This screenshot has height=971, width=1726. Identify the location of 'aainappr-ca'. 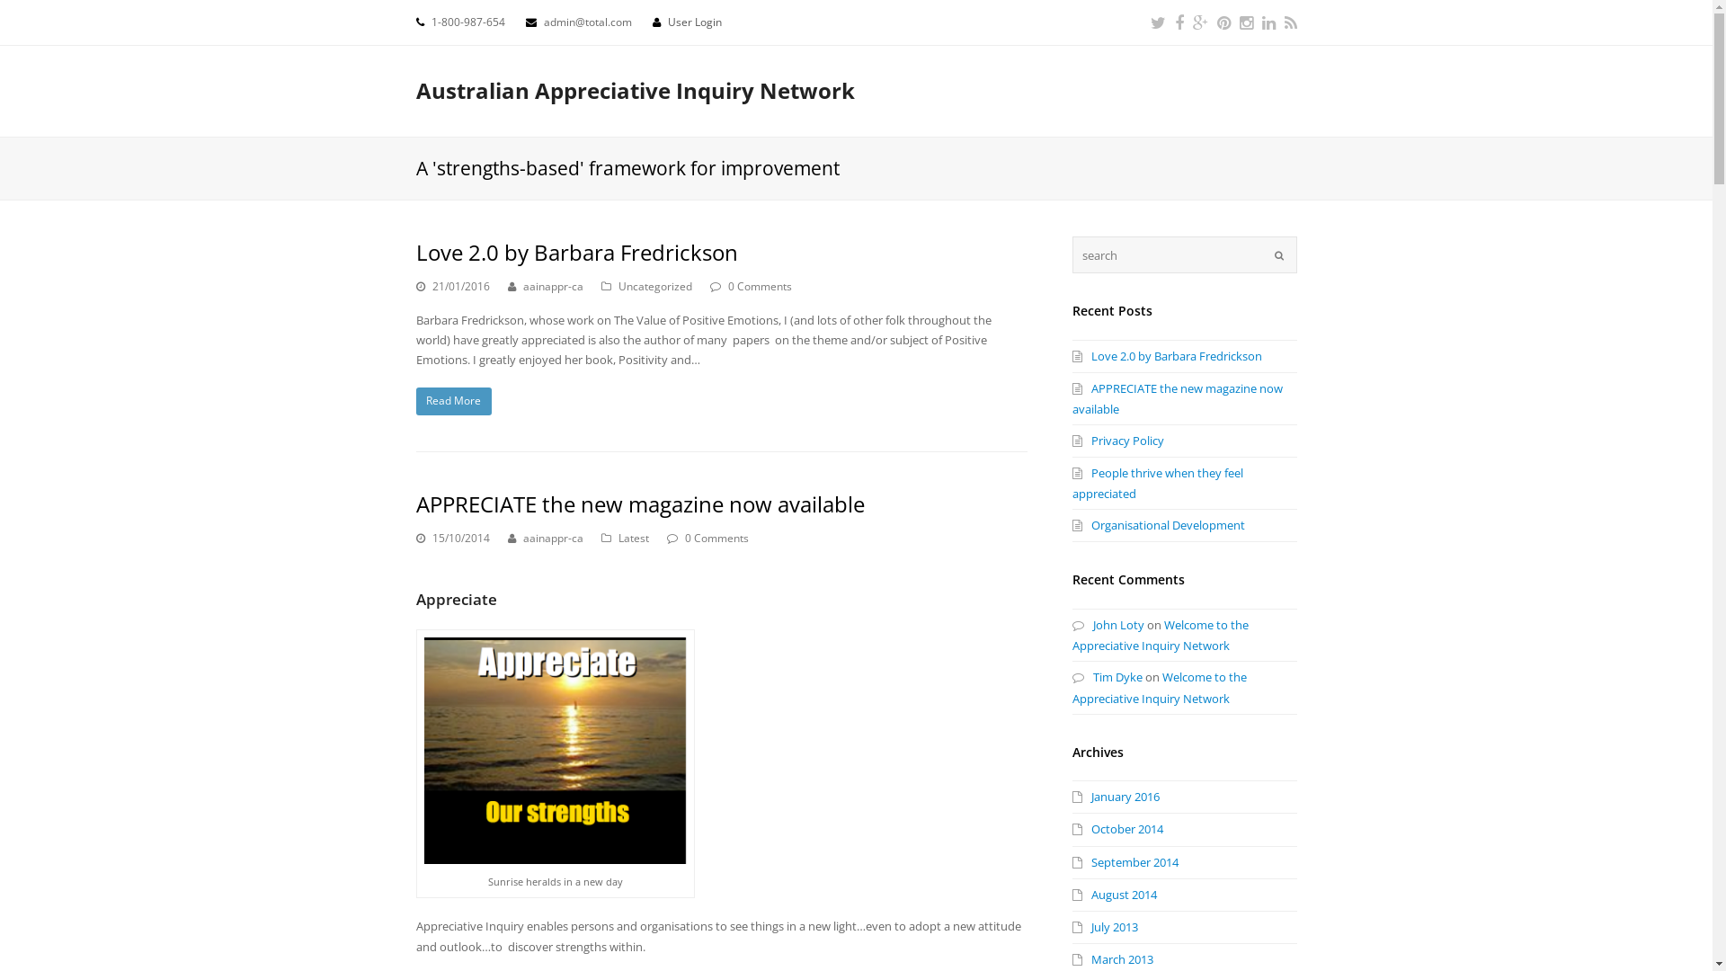
(521, 285).